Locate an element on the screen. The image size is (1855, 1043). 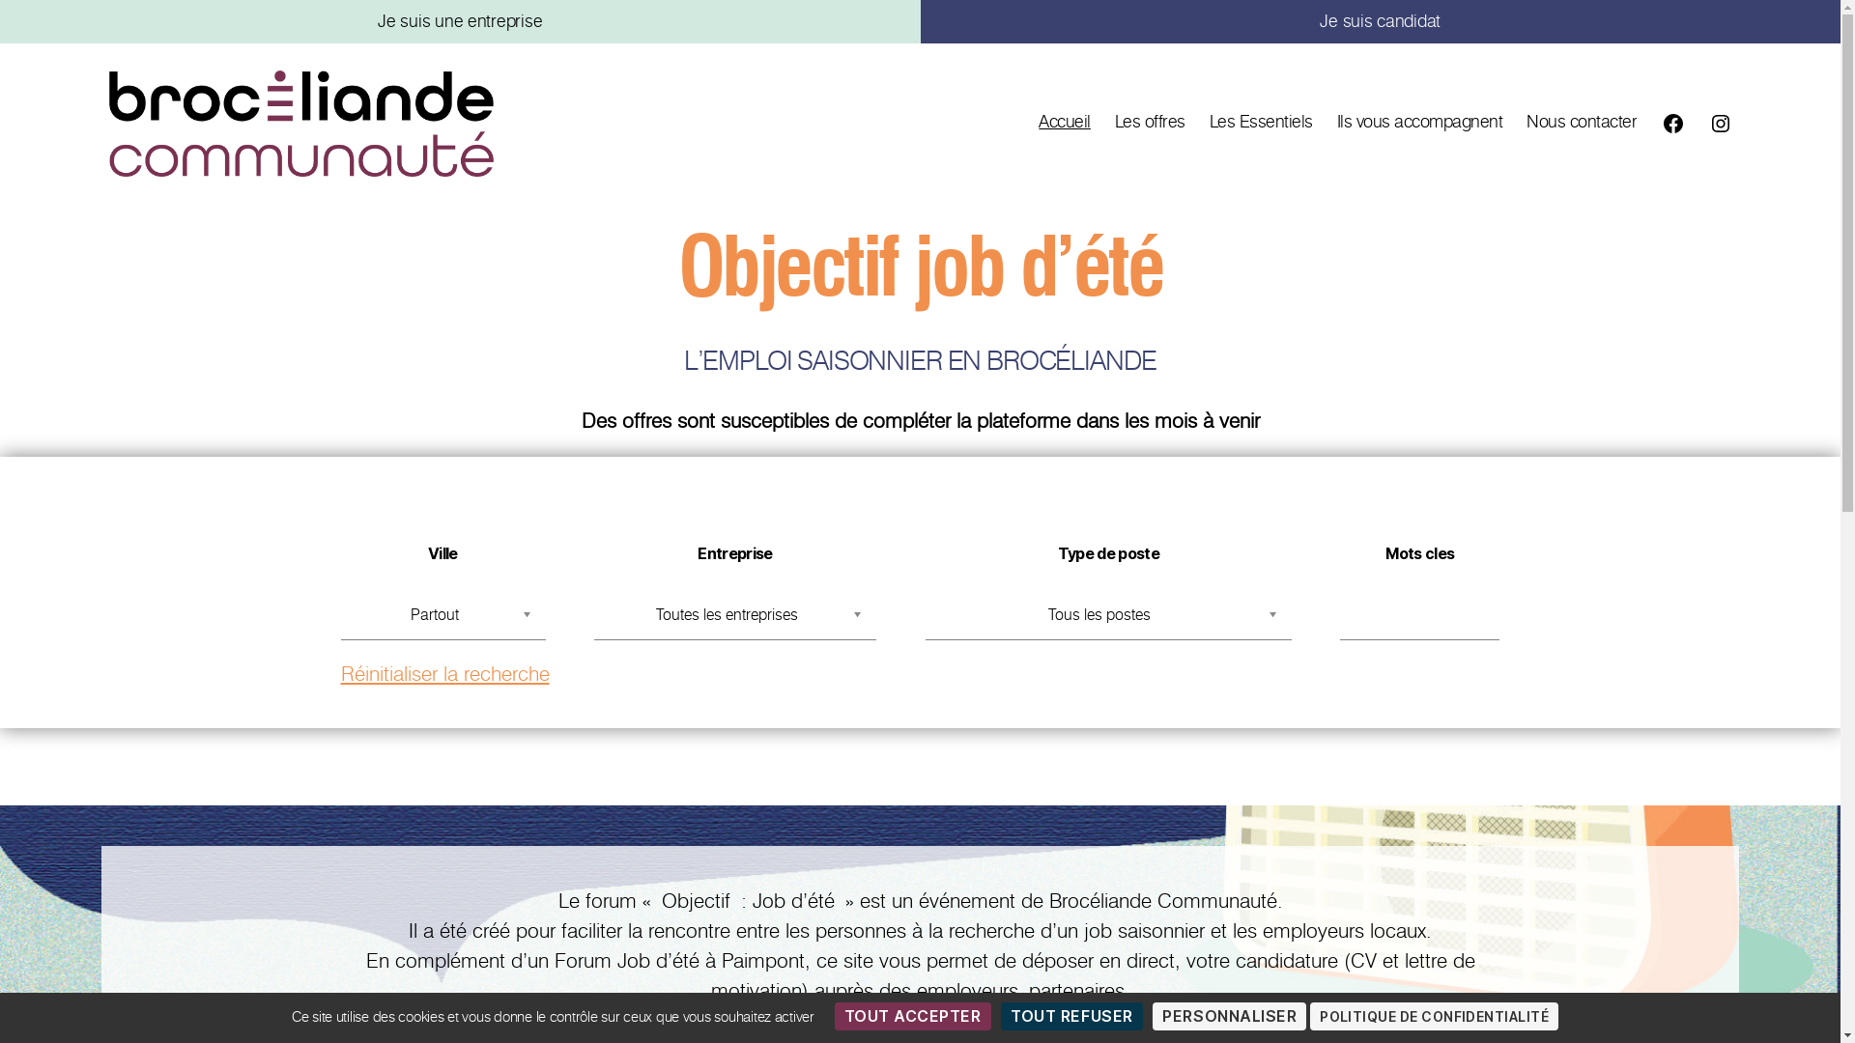
'Faire une recherche par mot clef' is located at coordinates (1419, 618).